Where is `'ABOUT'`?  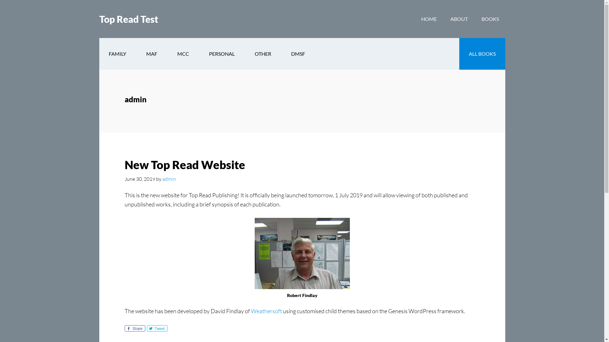 'ABOUT' is located at coordinates (459, 19).